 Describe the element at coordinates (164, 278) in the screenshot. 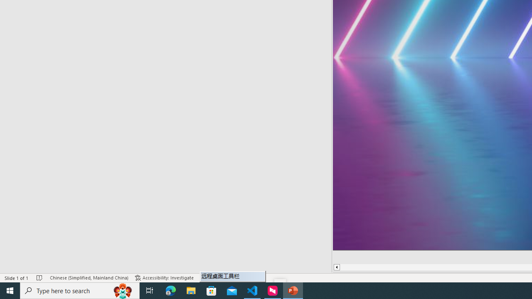

I see `'Accessibility Checker Accessibility: Investigate'` at that location.